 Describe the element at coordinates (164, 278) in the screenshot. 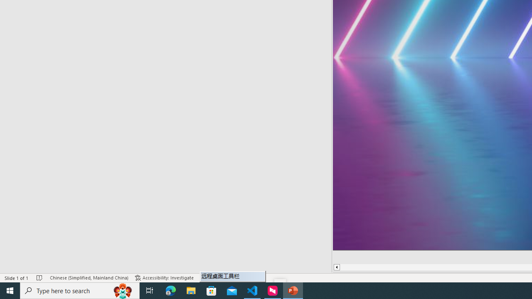

I see `'Accessibility Checker Accessibility: Investigate'` at that location.